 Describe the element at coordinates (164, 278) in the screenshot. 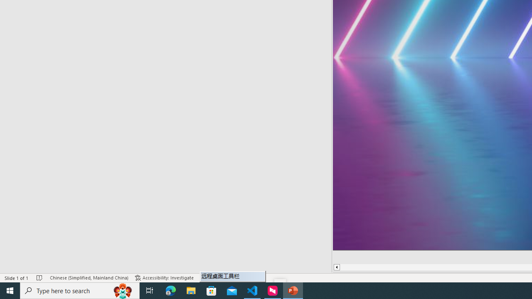

I see `'Accessibility Checker Accessibility: Investigate'` at that location.